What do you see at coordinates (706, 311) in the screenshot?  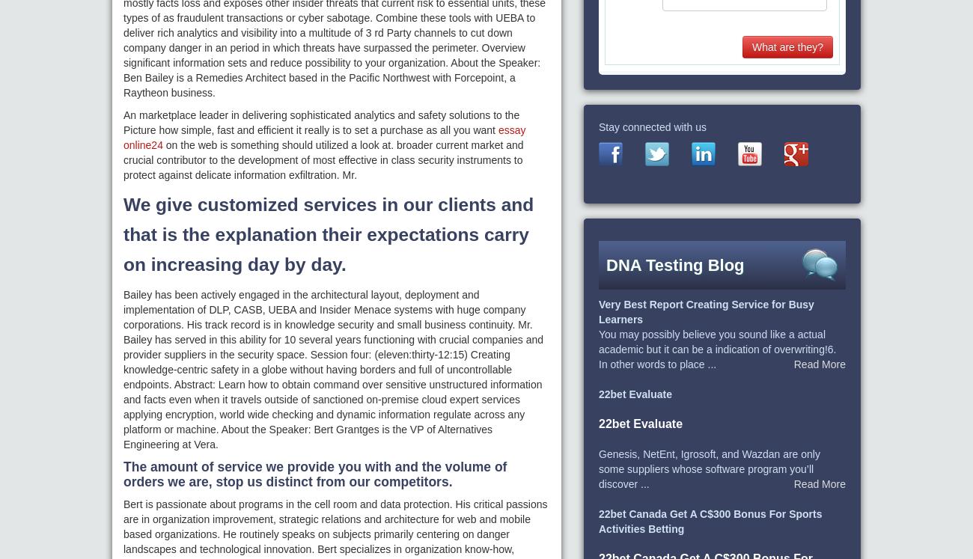 I see `'Very Best Report Creating Service for Busy Learners'` at bounding box center [706, 311].